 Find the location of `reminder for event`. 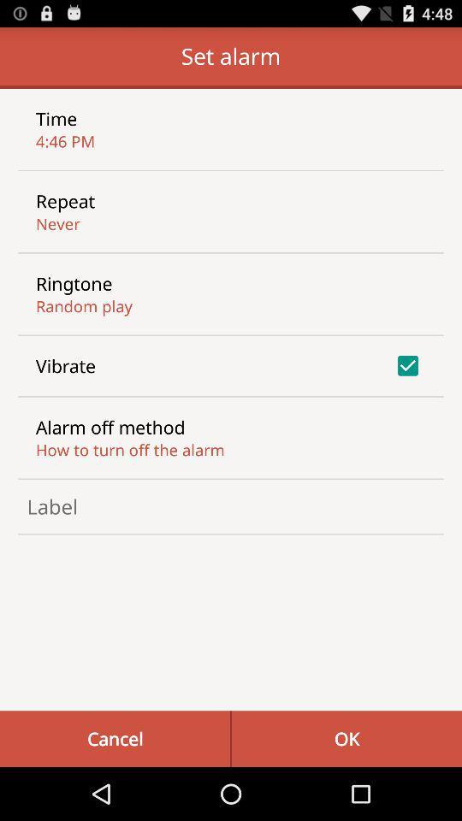

reminder for event is located at coordinates (231, 506).